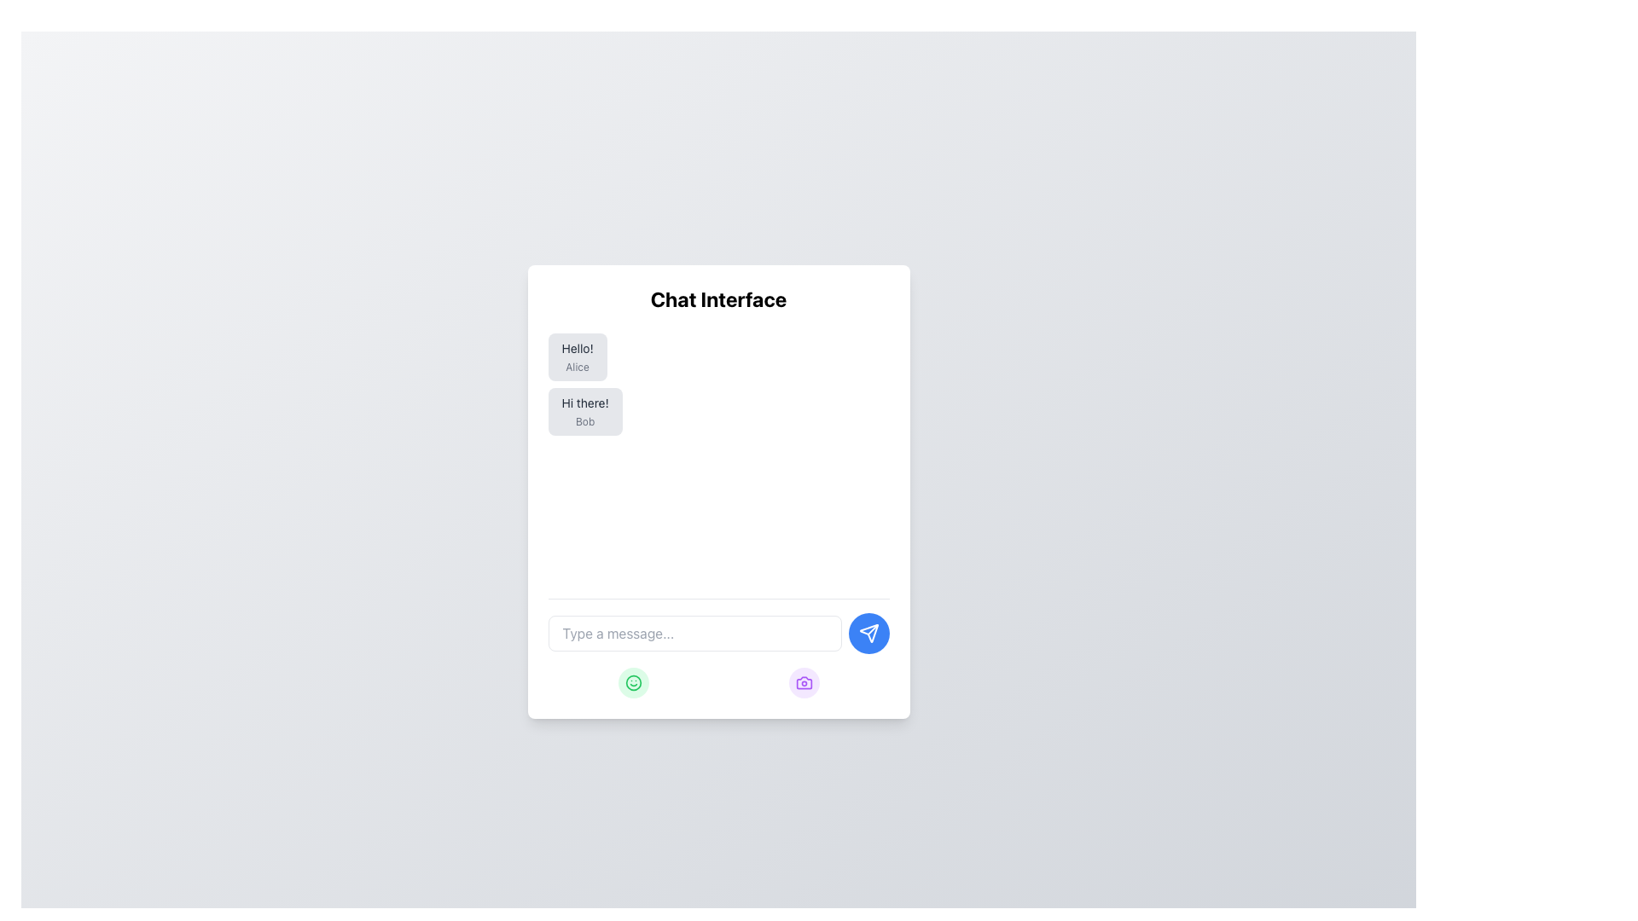 Image resolution: width=1638 pixels, height=921 pixels. Describe the element at coordinates (868, 634) in the screenshot. I see `the paper plane icon within the circular blue button located at the bottom-right corner of the chat interface to send a message` at that location.